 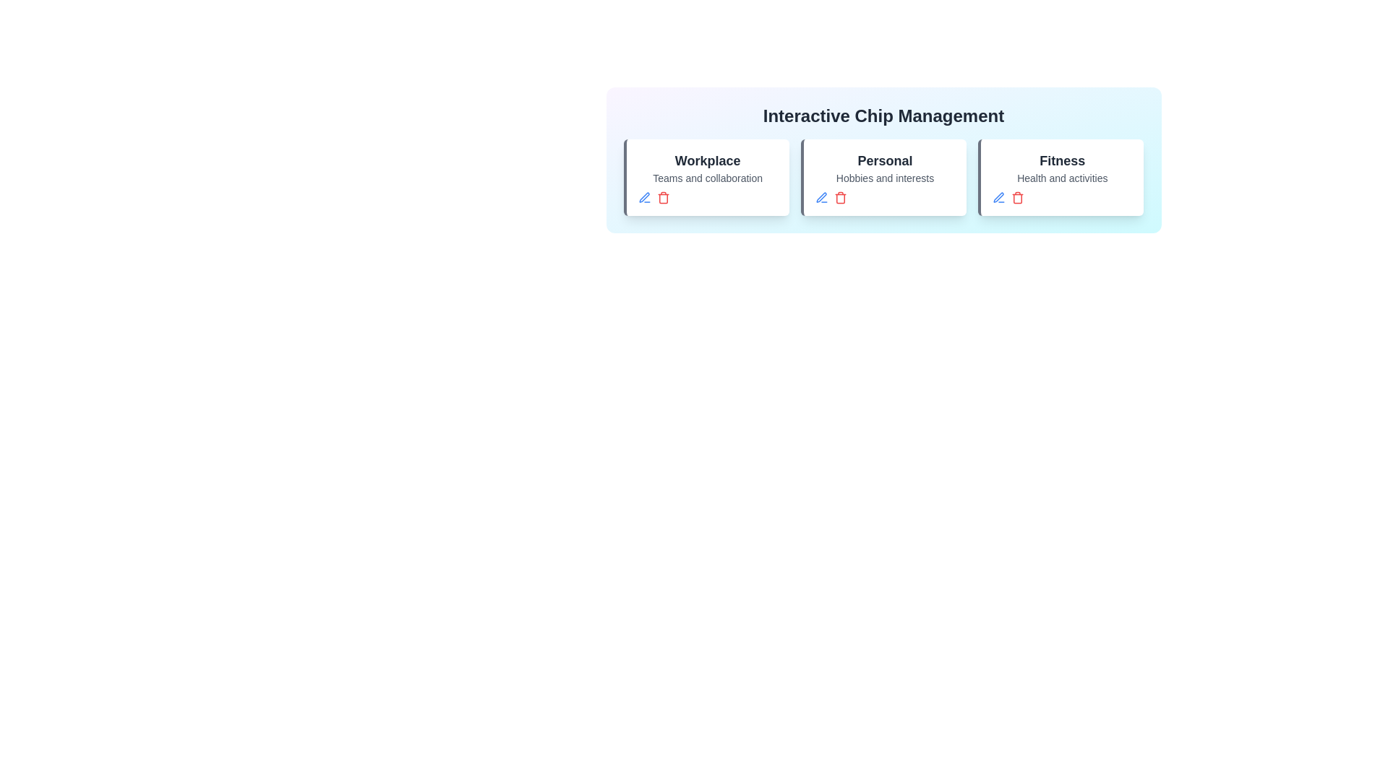 What do you see at coordinates (821, 197) in the screenshot?
I see `'Edit' button for the chip identified by Personal` at bounding box center [821, 197].